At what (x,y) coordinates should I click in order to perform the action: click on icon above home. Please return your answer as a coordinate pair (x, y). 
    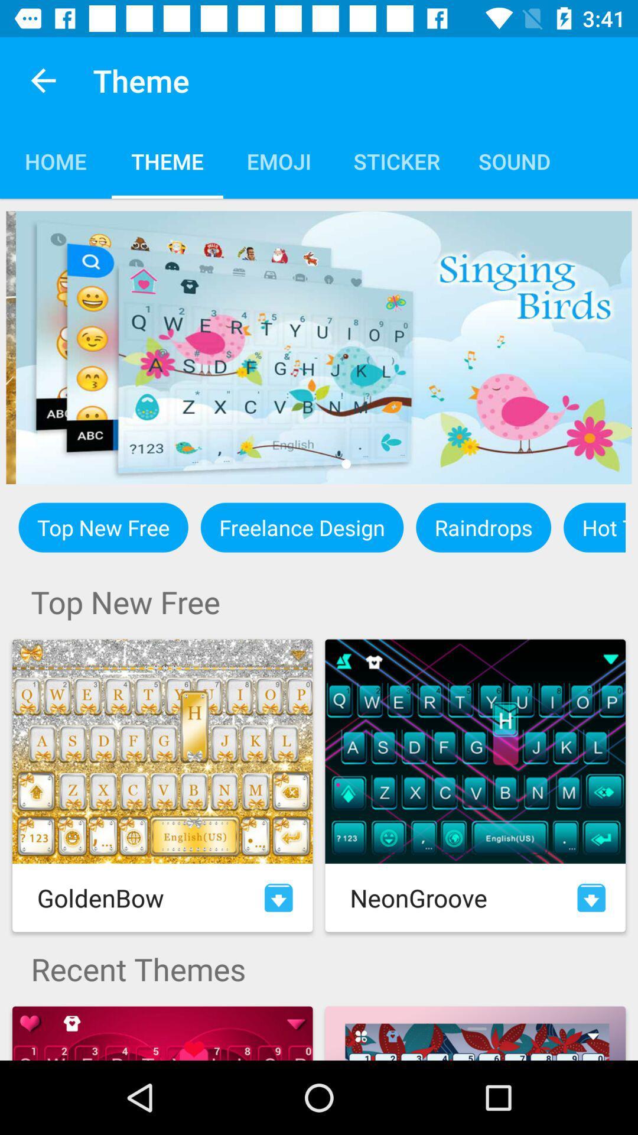
    Looking at the image, I should click on (43, 80).